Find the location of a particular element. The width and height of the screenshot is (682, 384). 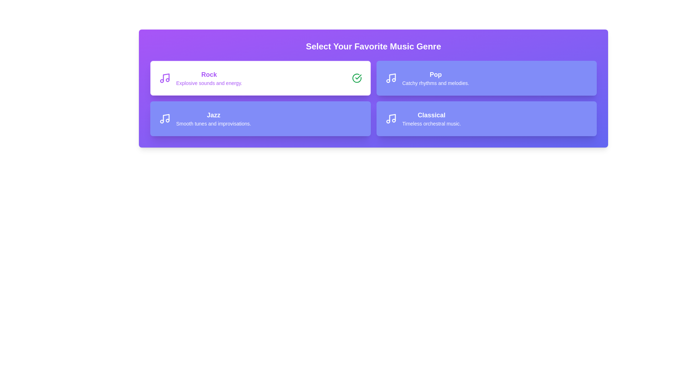

the text label displaying 'Smooth tunes and improvisations.' which is styled in white on a blue background, located below the 'Jazz' text in the music genre section is located at coordinates (213, 123).